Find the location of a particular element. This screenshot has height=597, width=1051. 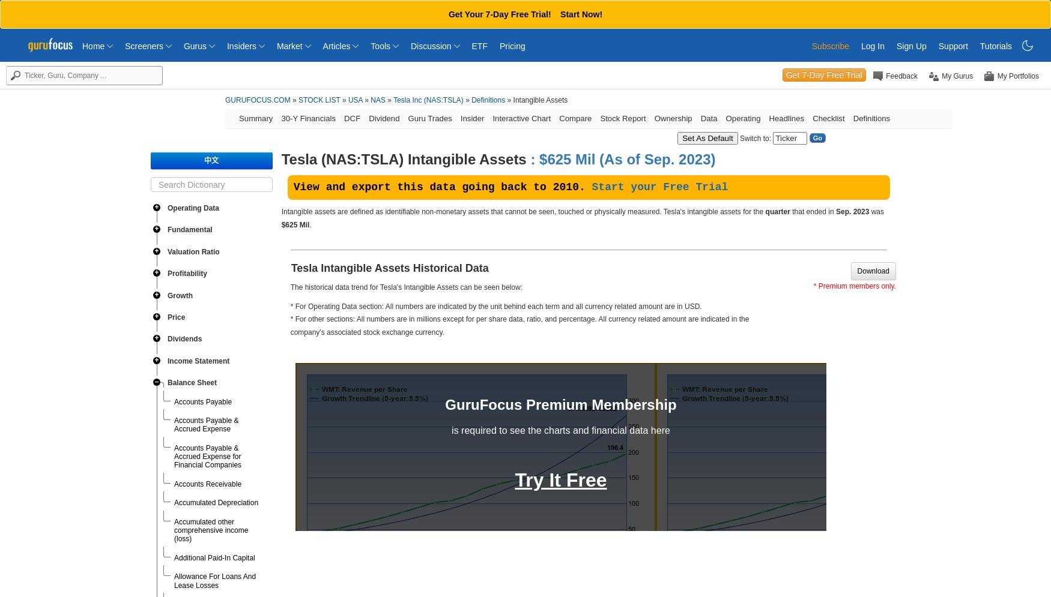

'Checklist' is located at coordinates (828, 118).